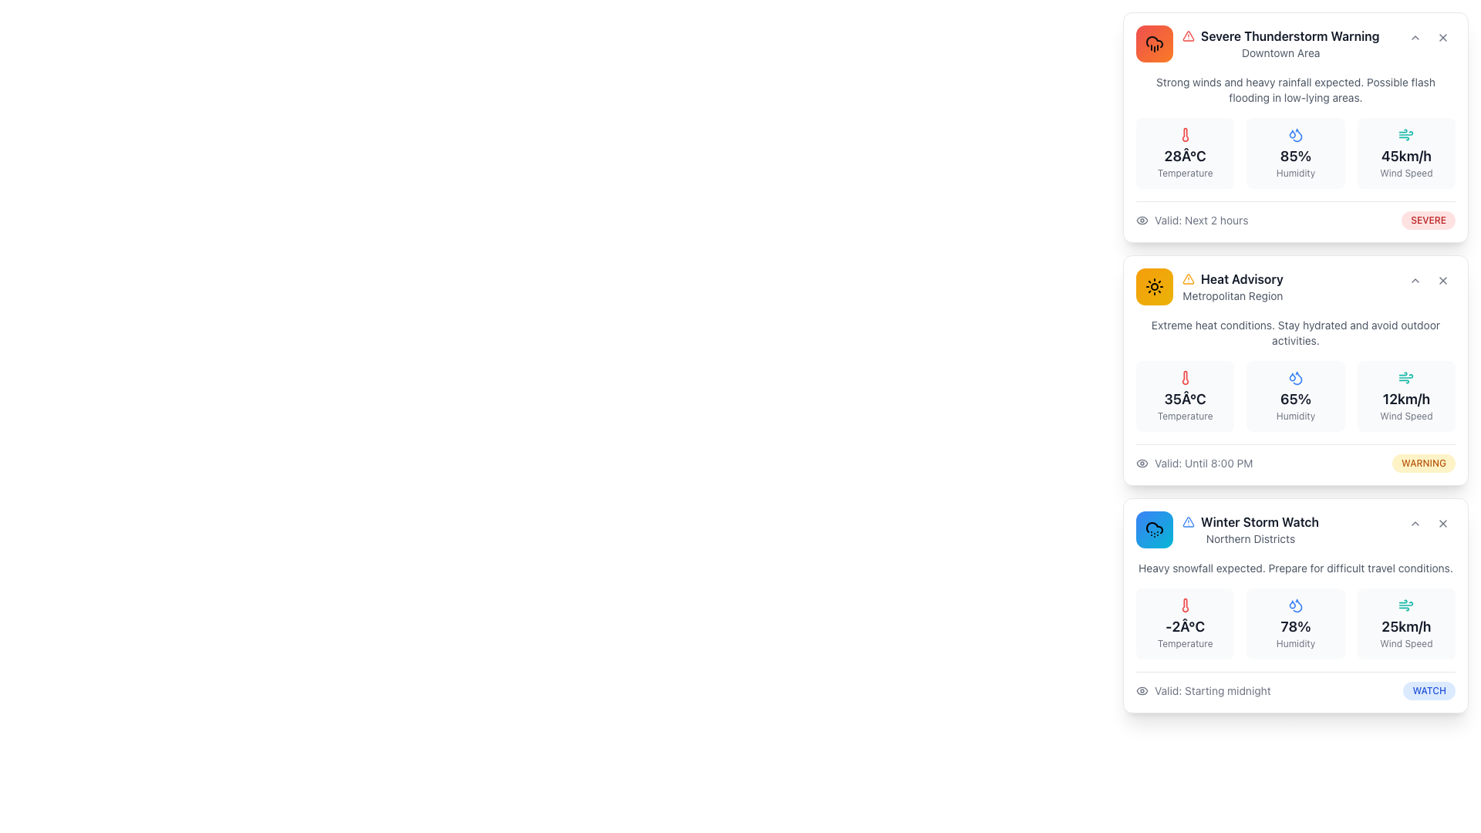 The height and width of the screenshot is (833, 1481). What do you see at coordinates (1290, 35) in the screenshot?
I see `text of the 'Severe Thunderstorm Warning' title label located at the top-left corner of the first alert card` at bounding box center [1290, 35].